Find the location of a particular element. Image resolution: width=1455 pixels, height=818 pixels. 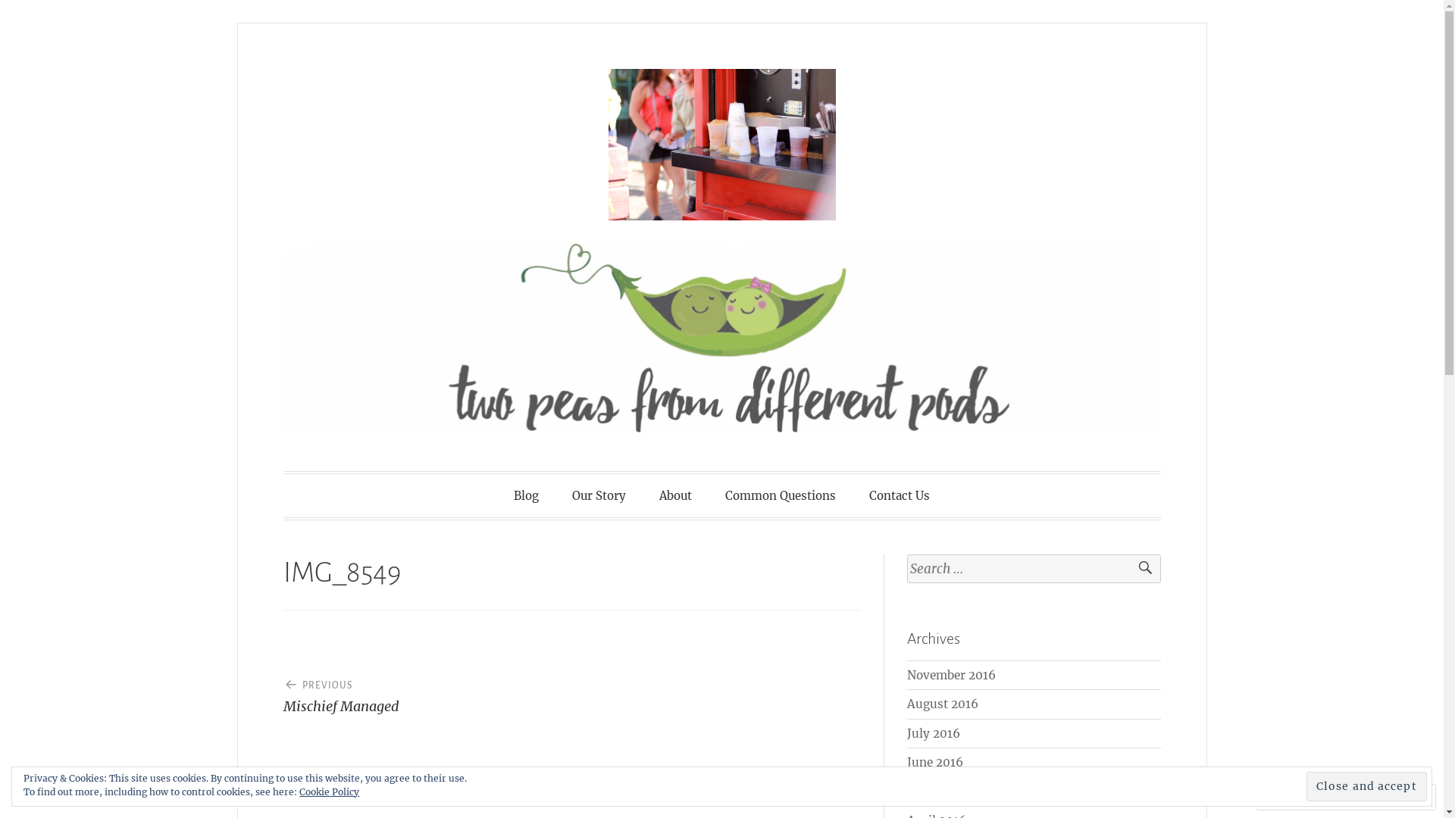

'July 2016' is located at coordinates (933, 732).